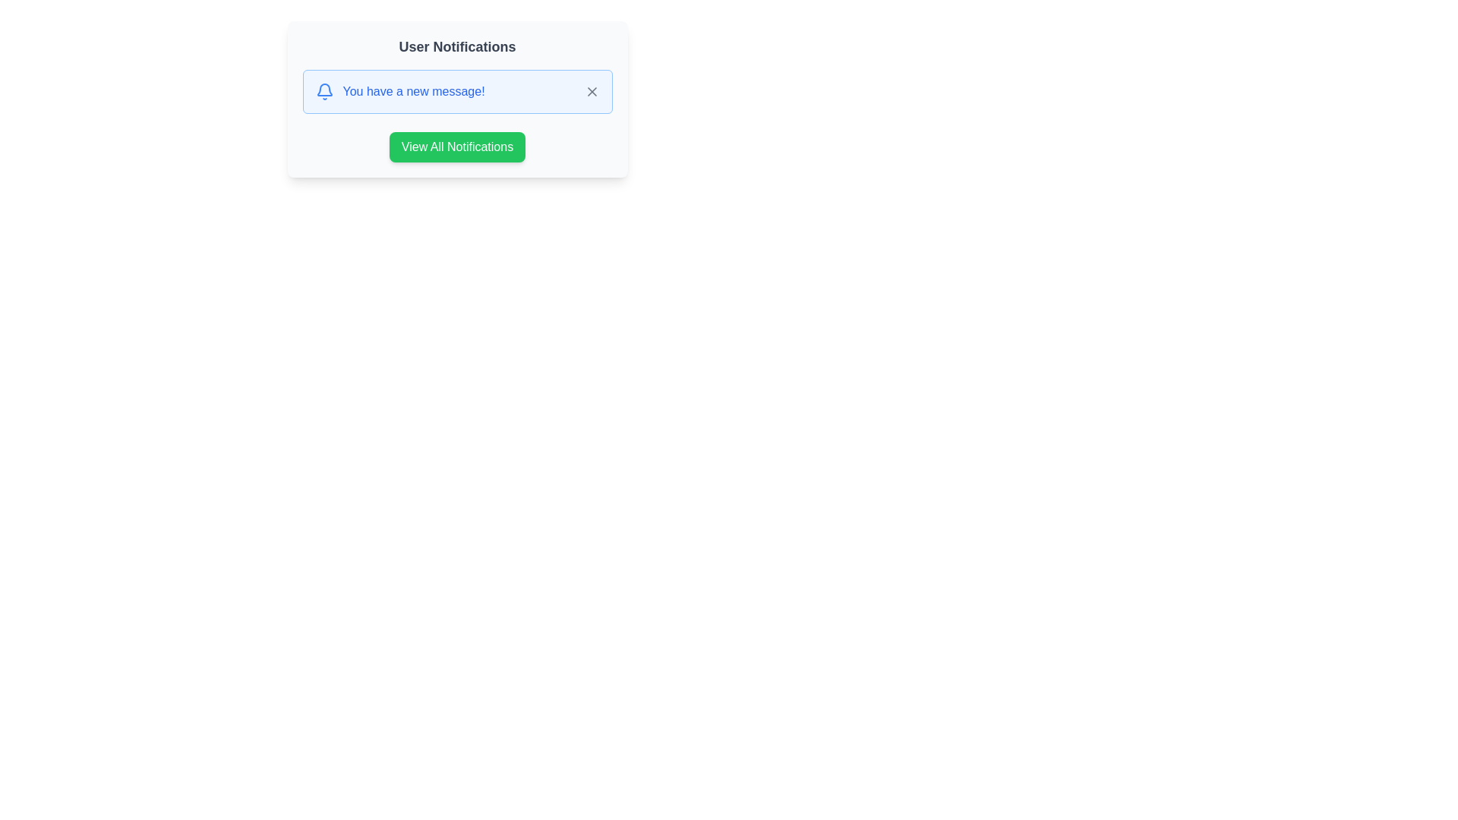  I want to click on the cross-shaped SVG icon located inside the User Notifications panel, so click(591, 91).